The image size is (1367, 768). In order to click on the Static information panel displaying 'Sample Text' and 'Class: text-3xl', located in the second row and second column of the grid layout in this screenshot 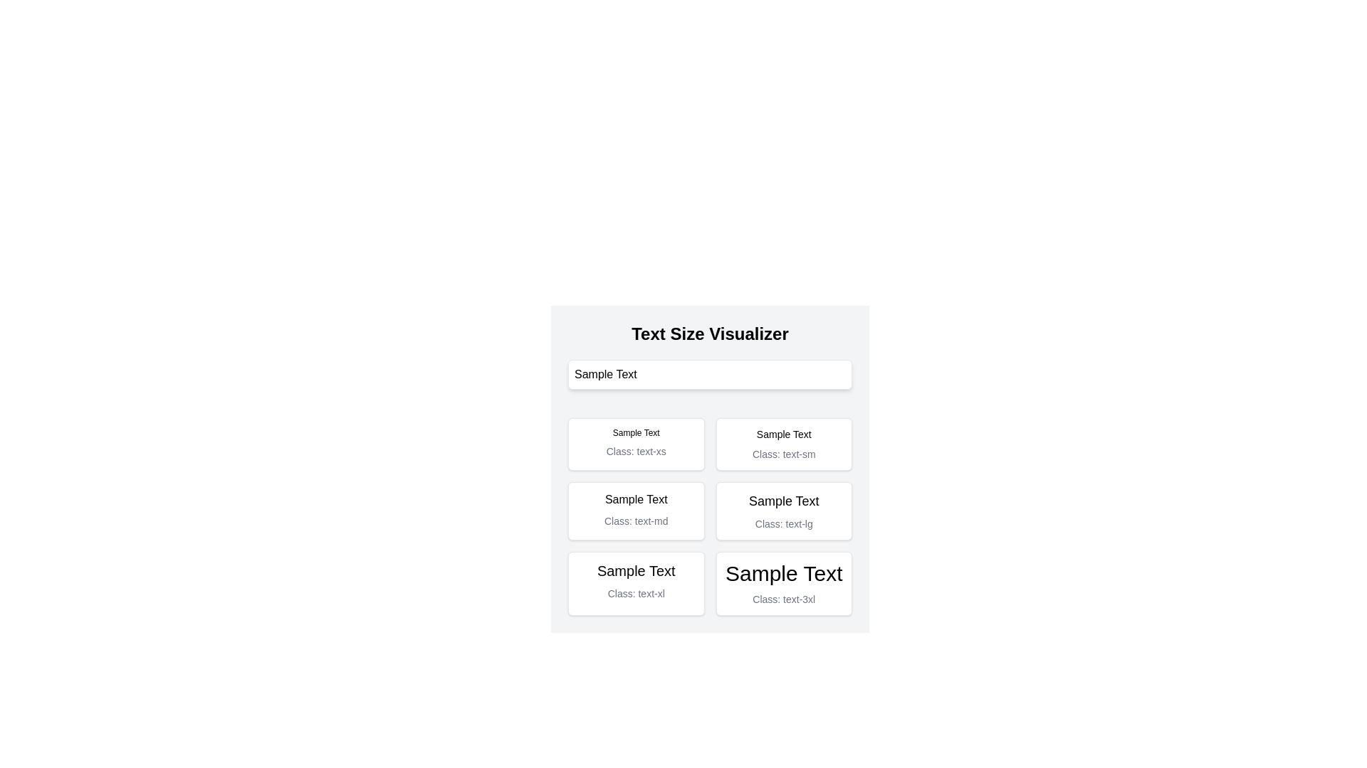, I will do `click(783, 584)`.